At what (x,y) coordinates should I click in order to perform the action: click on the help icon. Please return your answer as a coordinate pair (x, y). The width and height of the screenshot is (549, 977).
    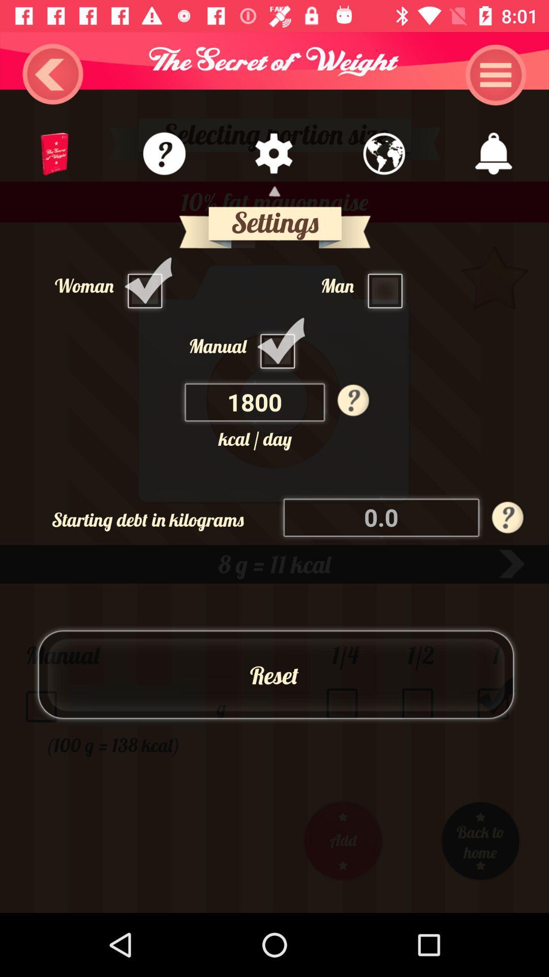
    Looking at the image, I should click on (508, 517).